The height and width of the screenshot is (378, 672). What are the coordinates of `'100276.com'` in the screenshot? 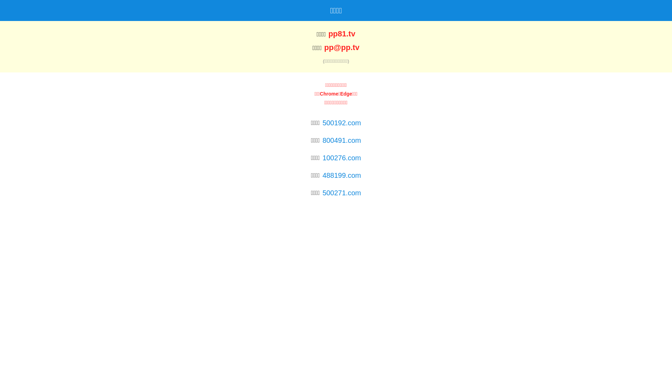 It's located at (341, 158).